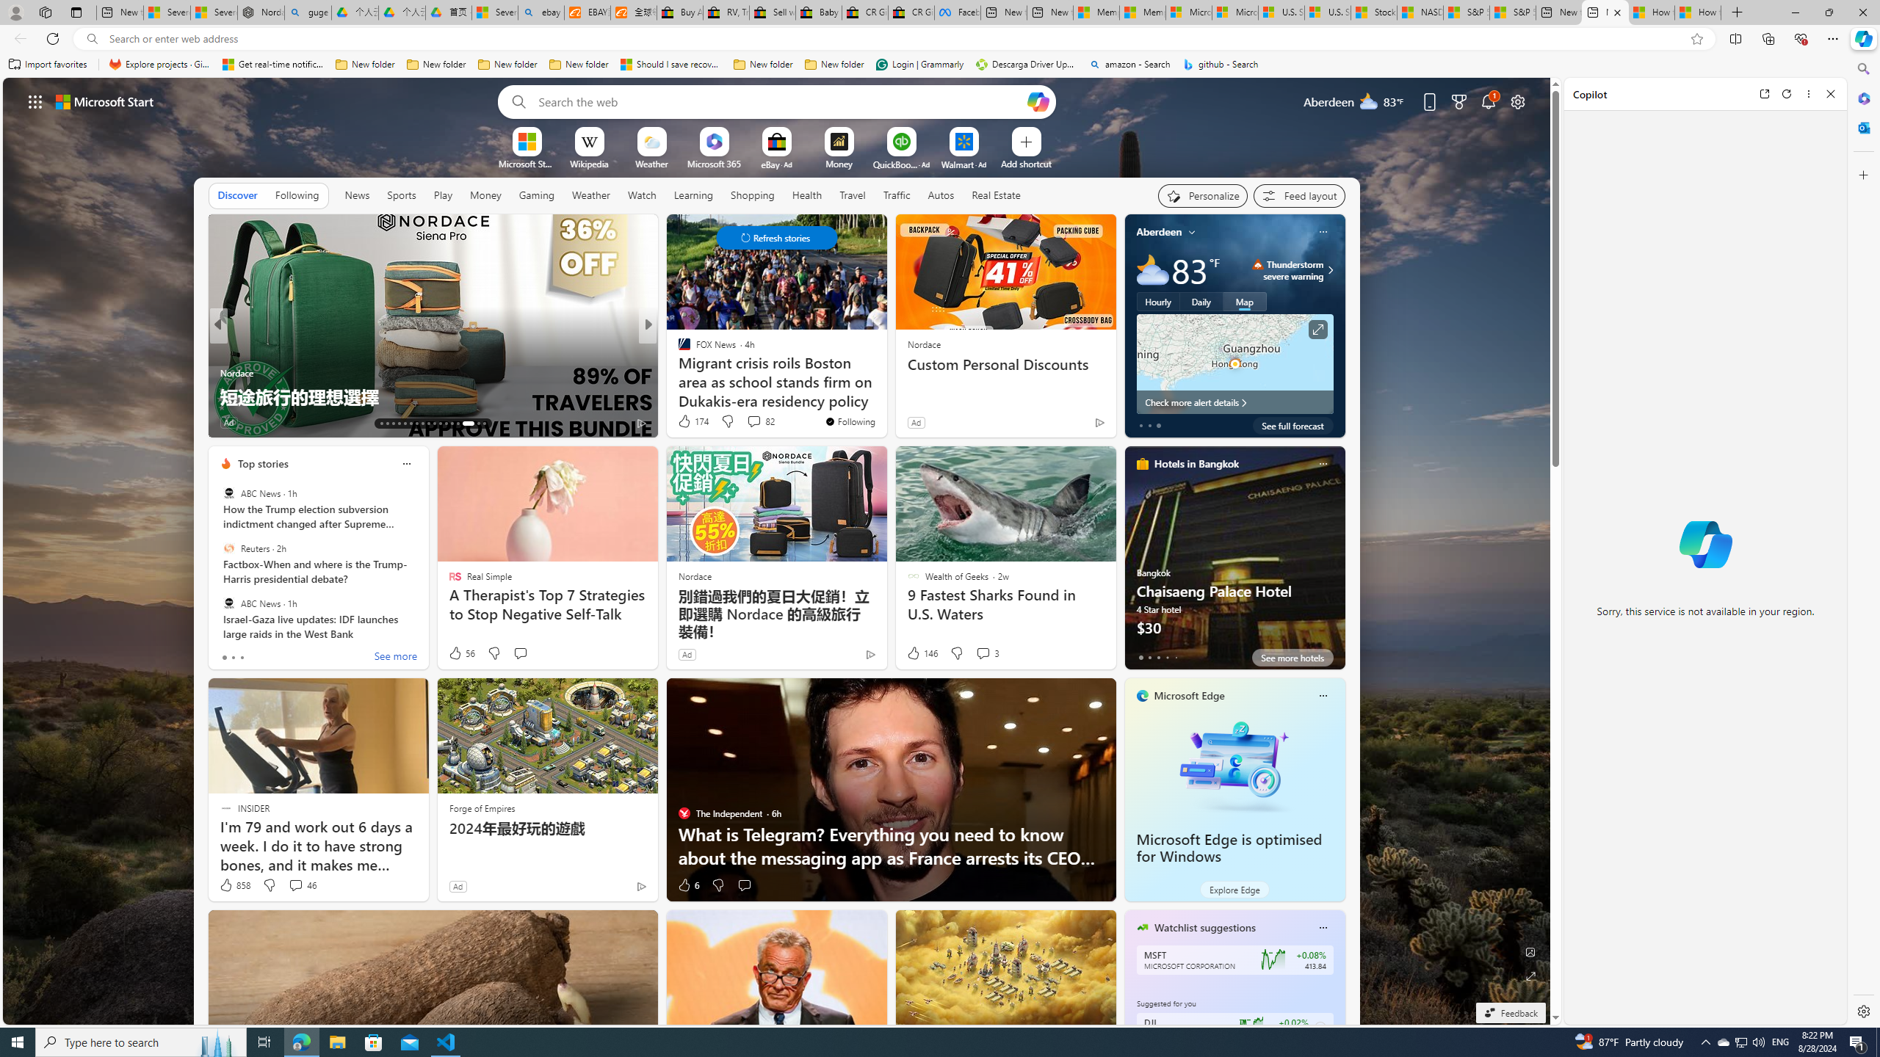 This screenshot has width=1880, height=1057. Describe the element at coordinates (1287, 269) in the screenshot. I see `'Thunderstorm - Severe Thunderstorm severe warning'` at that location.